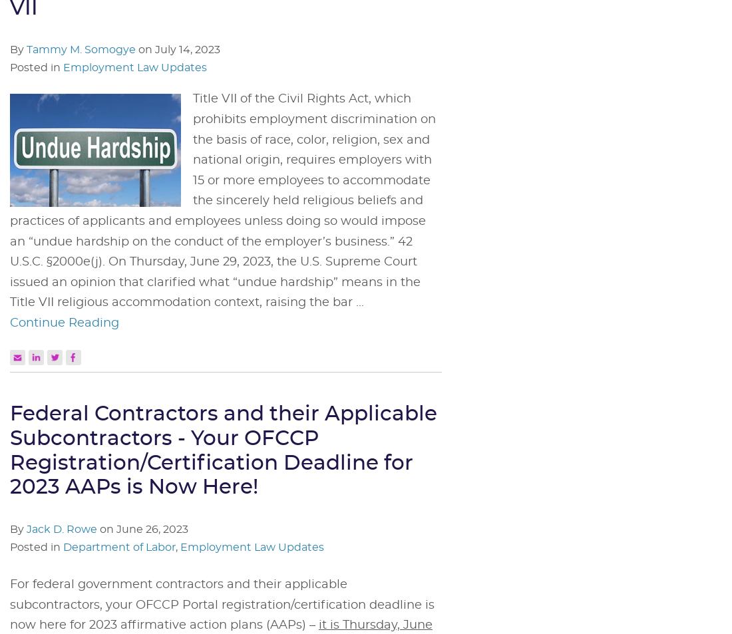 This screenshot has height=634, width=732. I want to click on 'June 26, 2023', so click(152, 528).